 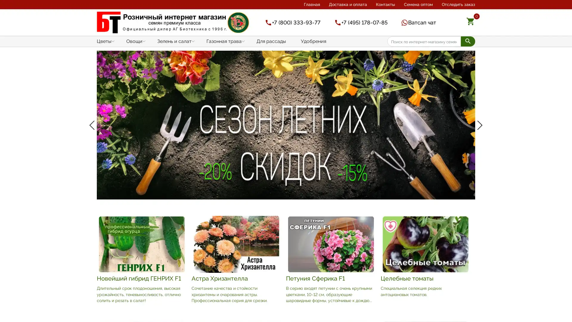 I want to click on Previous, so click(x=93, y=125).